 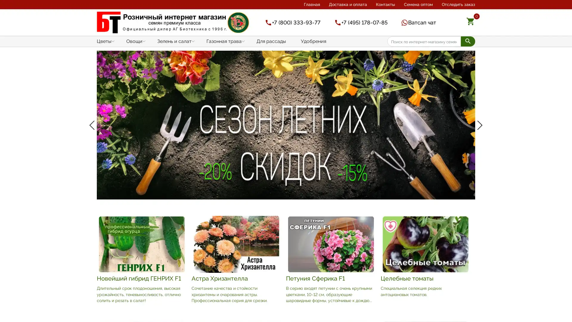 I want to click on Previous, so click(x=93, y=125).